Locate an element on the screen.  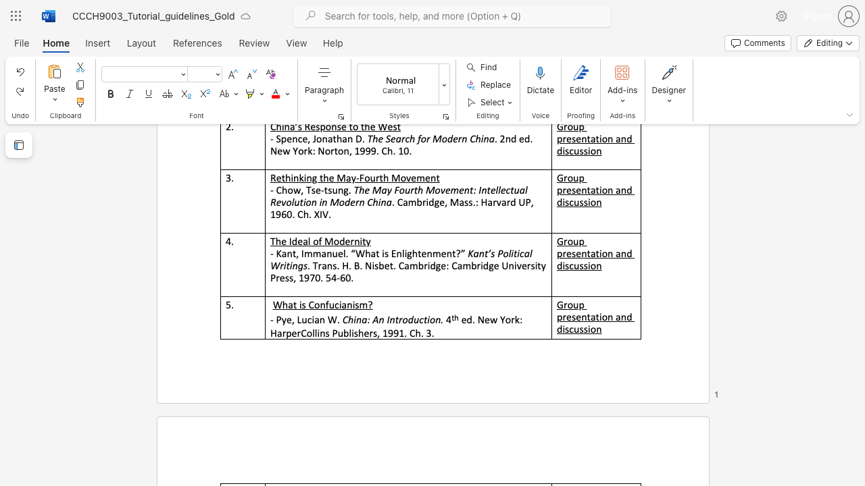
the subset text "China" within the text "China: An Introduction." is located at coordinates (342, 320).